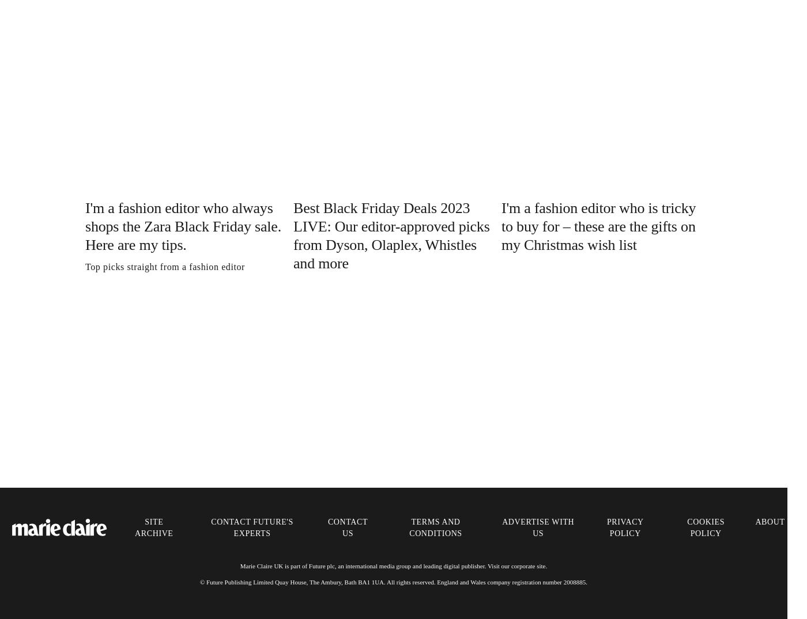  What do you see at coordinates (706, 526) in the screenshot?
I see `'Cookies policy'` at bounding box center [706, 526].